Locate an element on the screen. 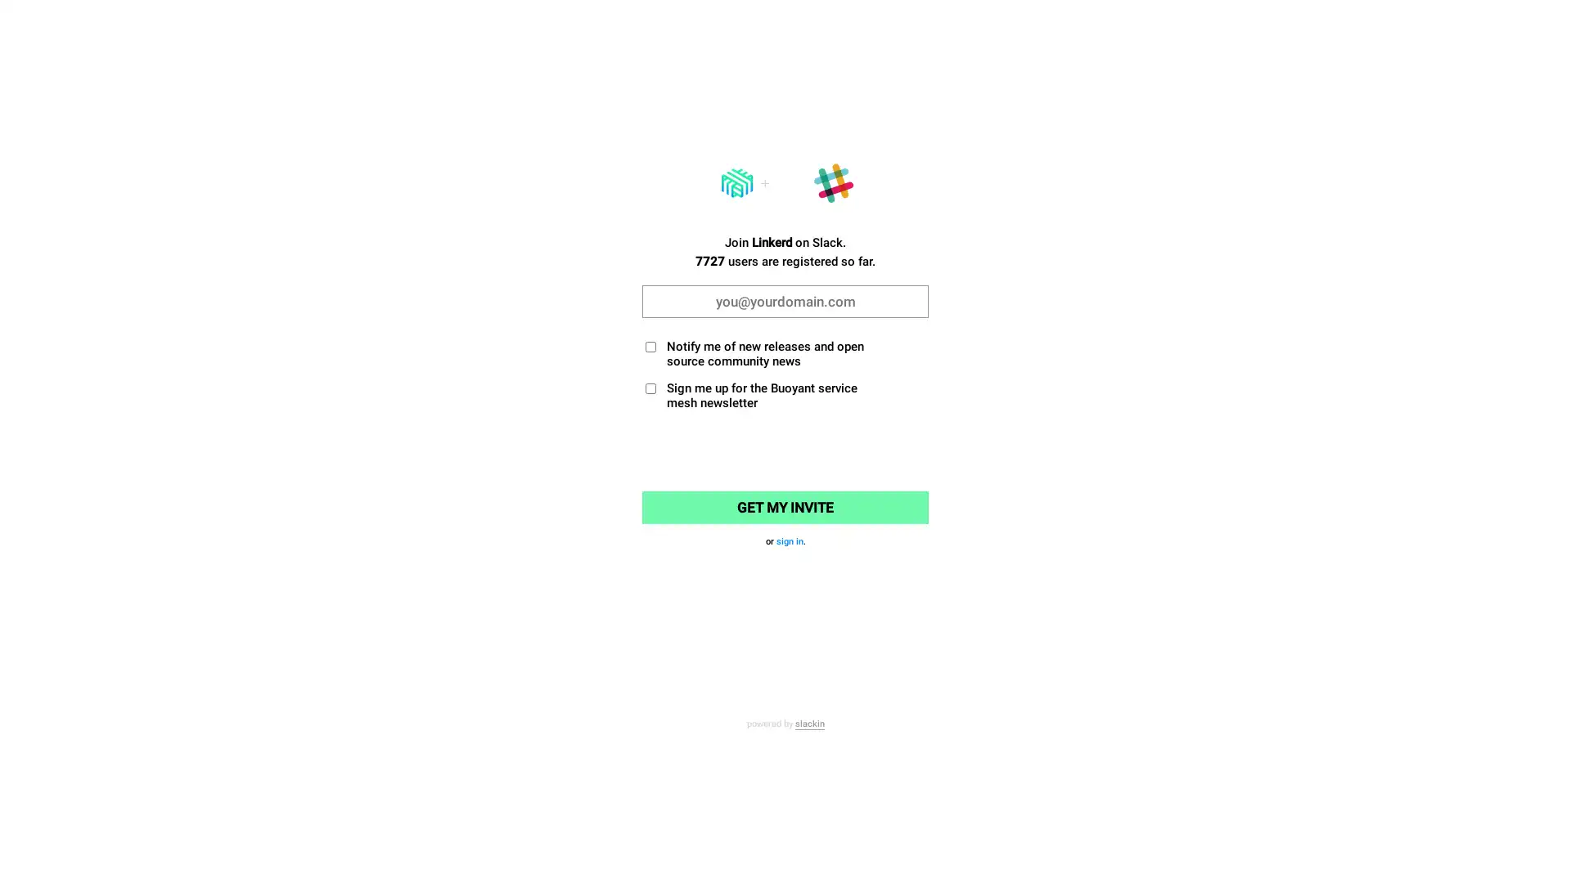  GET MY INVITE is located at coordinates (785, 507).